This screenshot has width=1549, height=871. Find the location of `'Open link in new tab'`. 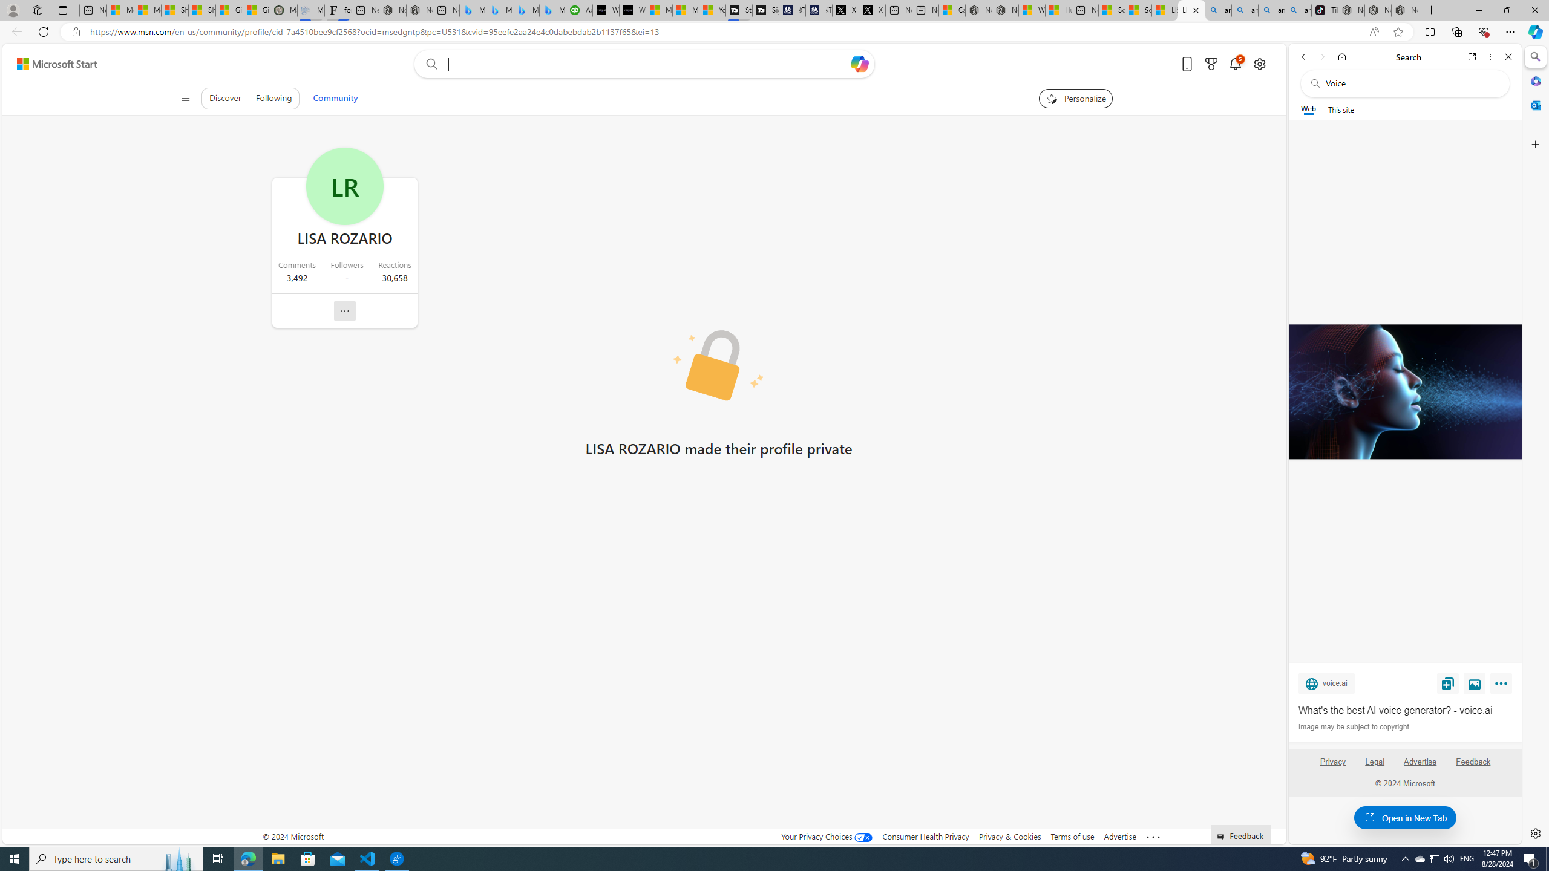

'Open link in new tab' is located at coordinates (1472, 56).